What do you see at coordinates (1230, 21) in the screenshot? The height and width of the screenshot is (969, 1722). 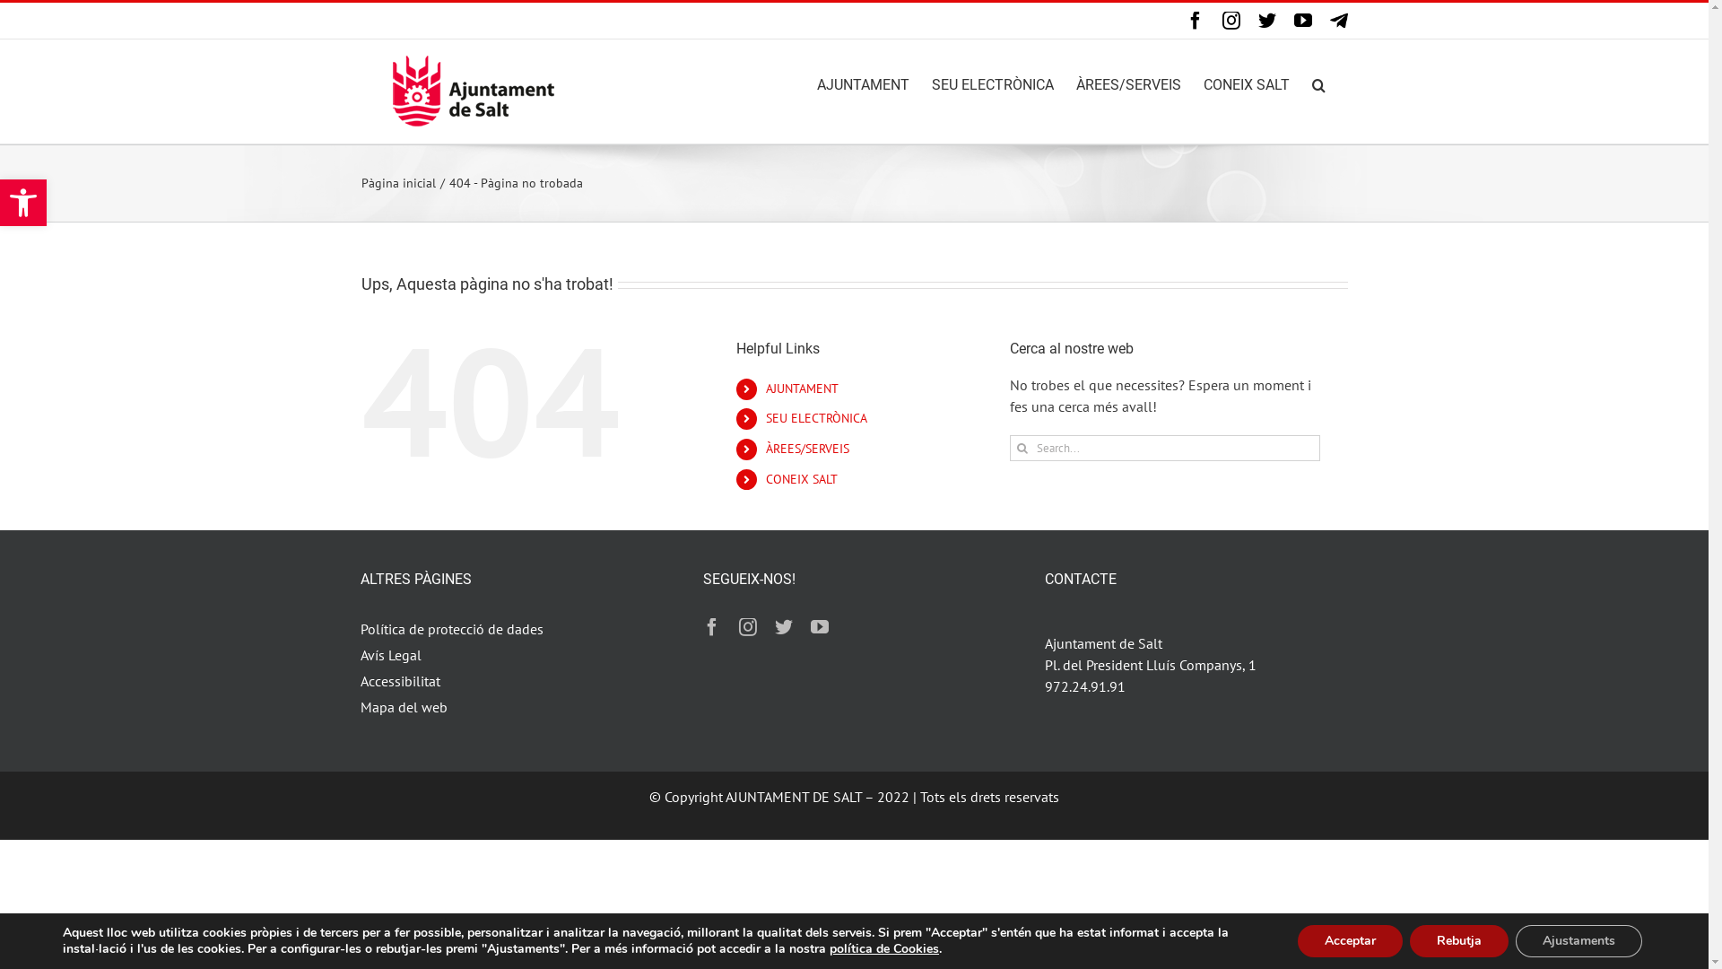 I see `'Instagram'` at bounding box center [1230, 21].